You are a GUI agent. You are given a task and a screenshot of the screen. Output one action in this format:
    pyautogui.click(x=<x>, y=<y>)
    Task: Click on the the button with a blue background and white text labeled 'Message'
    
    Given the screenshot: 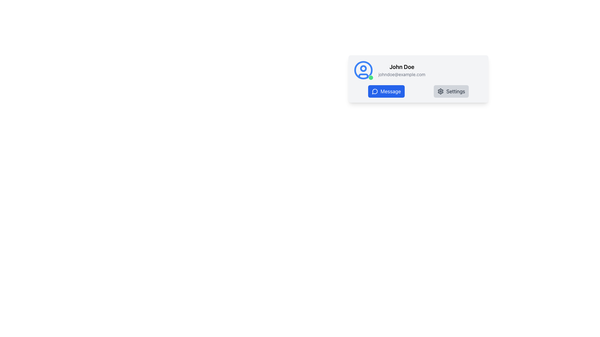 What is the action you would take?
    pyautogui.click(x=386, y=91)
    